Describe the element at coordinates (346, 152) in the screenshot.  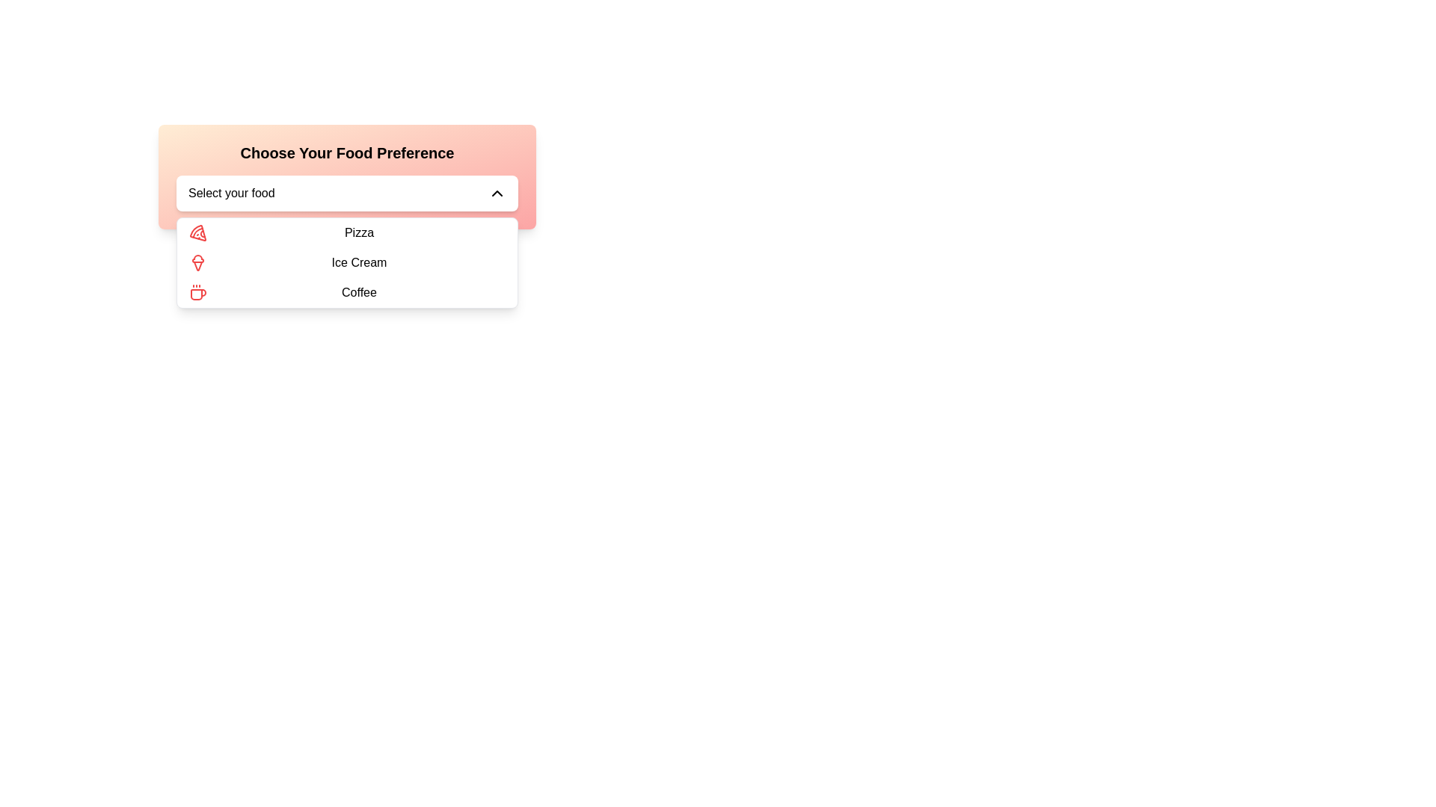
I see `the bold text label 'Choose Your Food Preference' which is prominently displayed at the top center of a rounded, gradient-colored box` at that location.